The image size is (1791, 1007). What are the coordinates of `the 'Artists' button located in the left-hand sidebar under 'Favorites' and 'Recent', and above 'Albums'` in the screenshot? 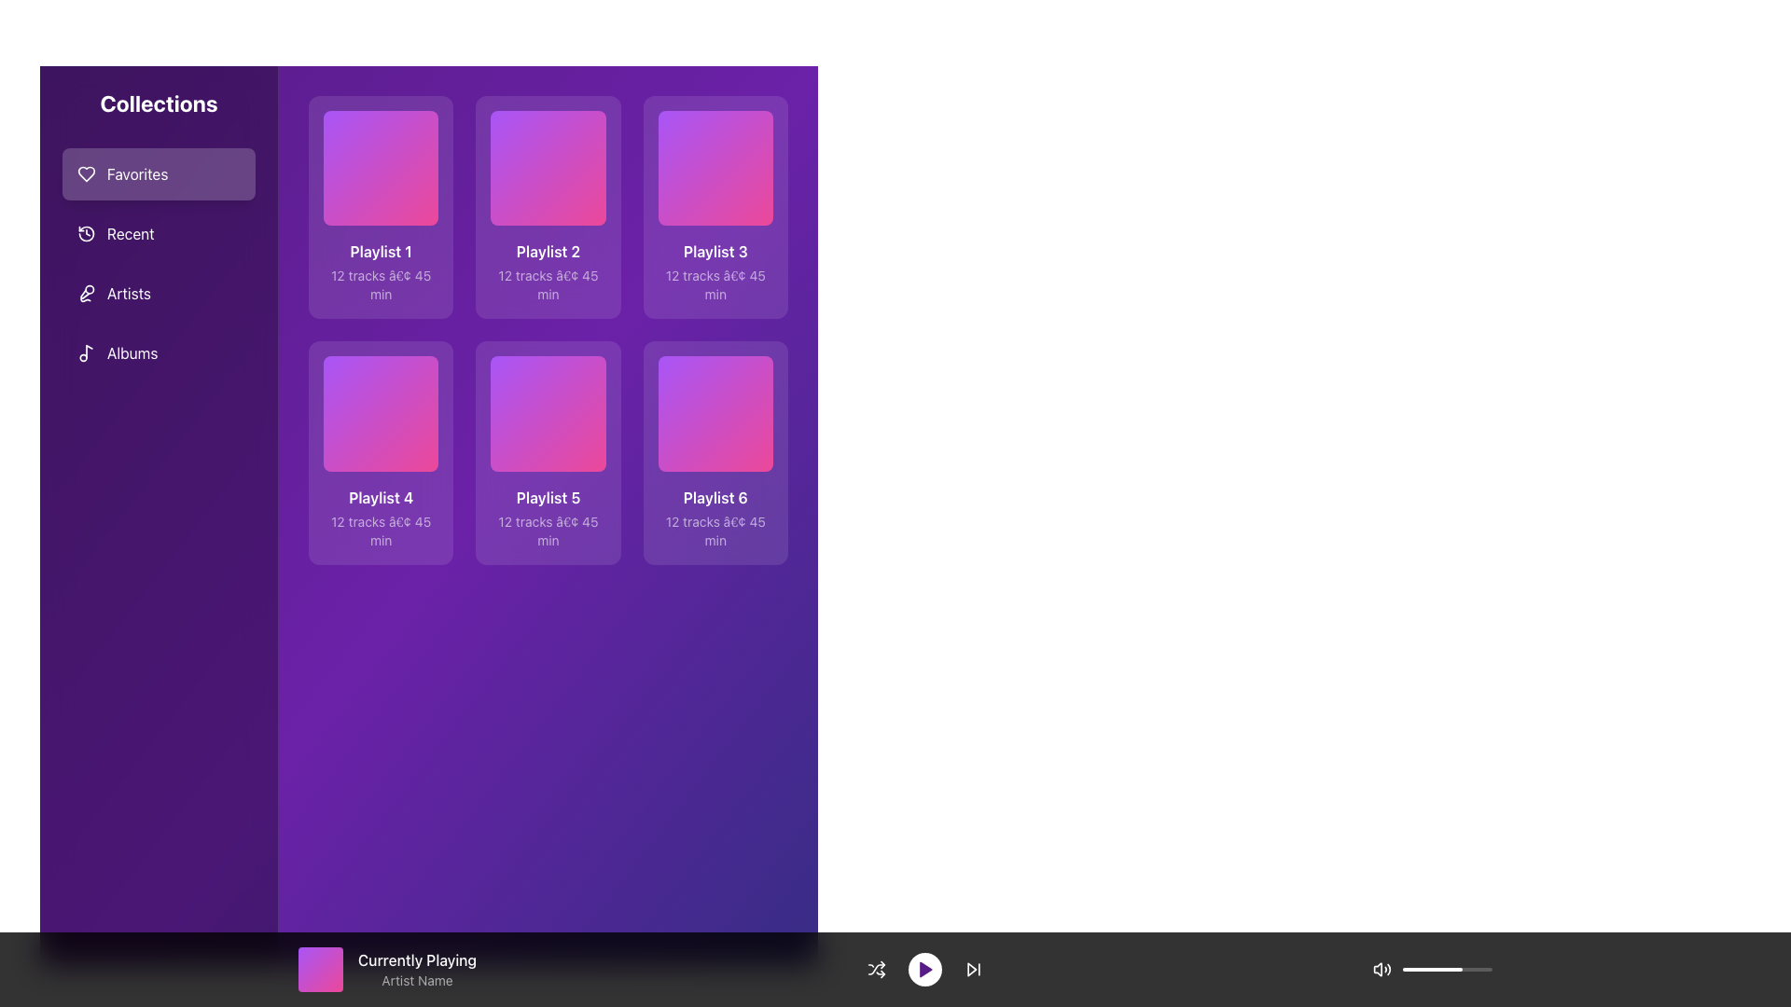 It's located at (159, 294).